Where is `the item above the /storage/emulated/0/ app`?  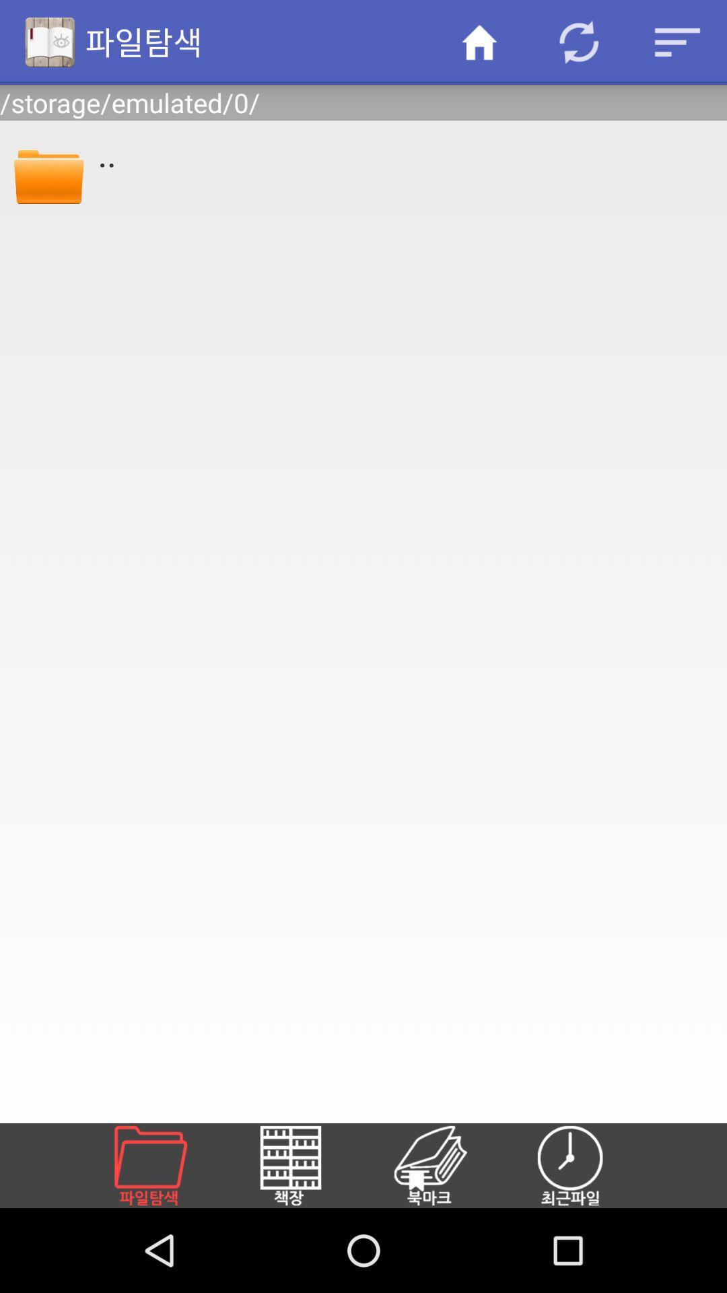
the item above the /storage/emulated/0/ app is located at coordinates (677, 42).